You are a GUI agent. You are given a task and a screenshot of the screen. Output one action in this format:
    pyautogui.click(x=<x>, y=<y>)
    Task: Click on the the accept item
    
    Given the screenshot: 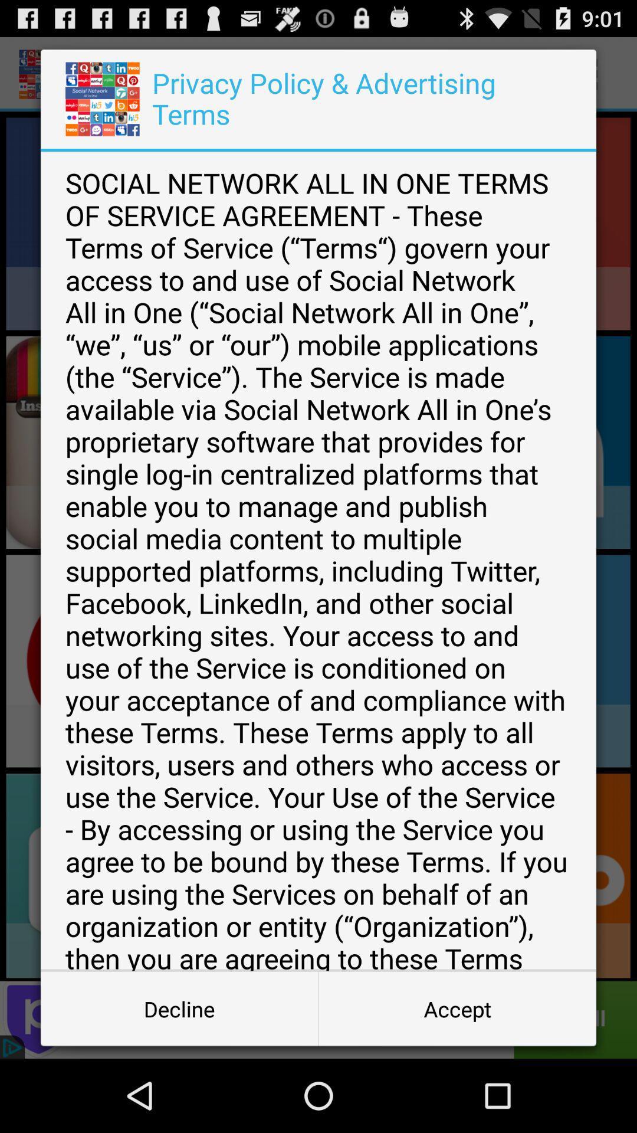 What is the action you would take?
    pyautogui.click(x=457, y=1008)
    